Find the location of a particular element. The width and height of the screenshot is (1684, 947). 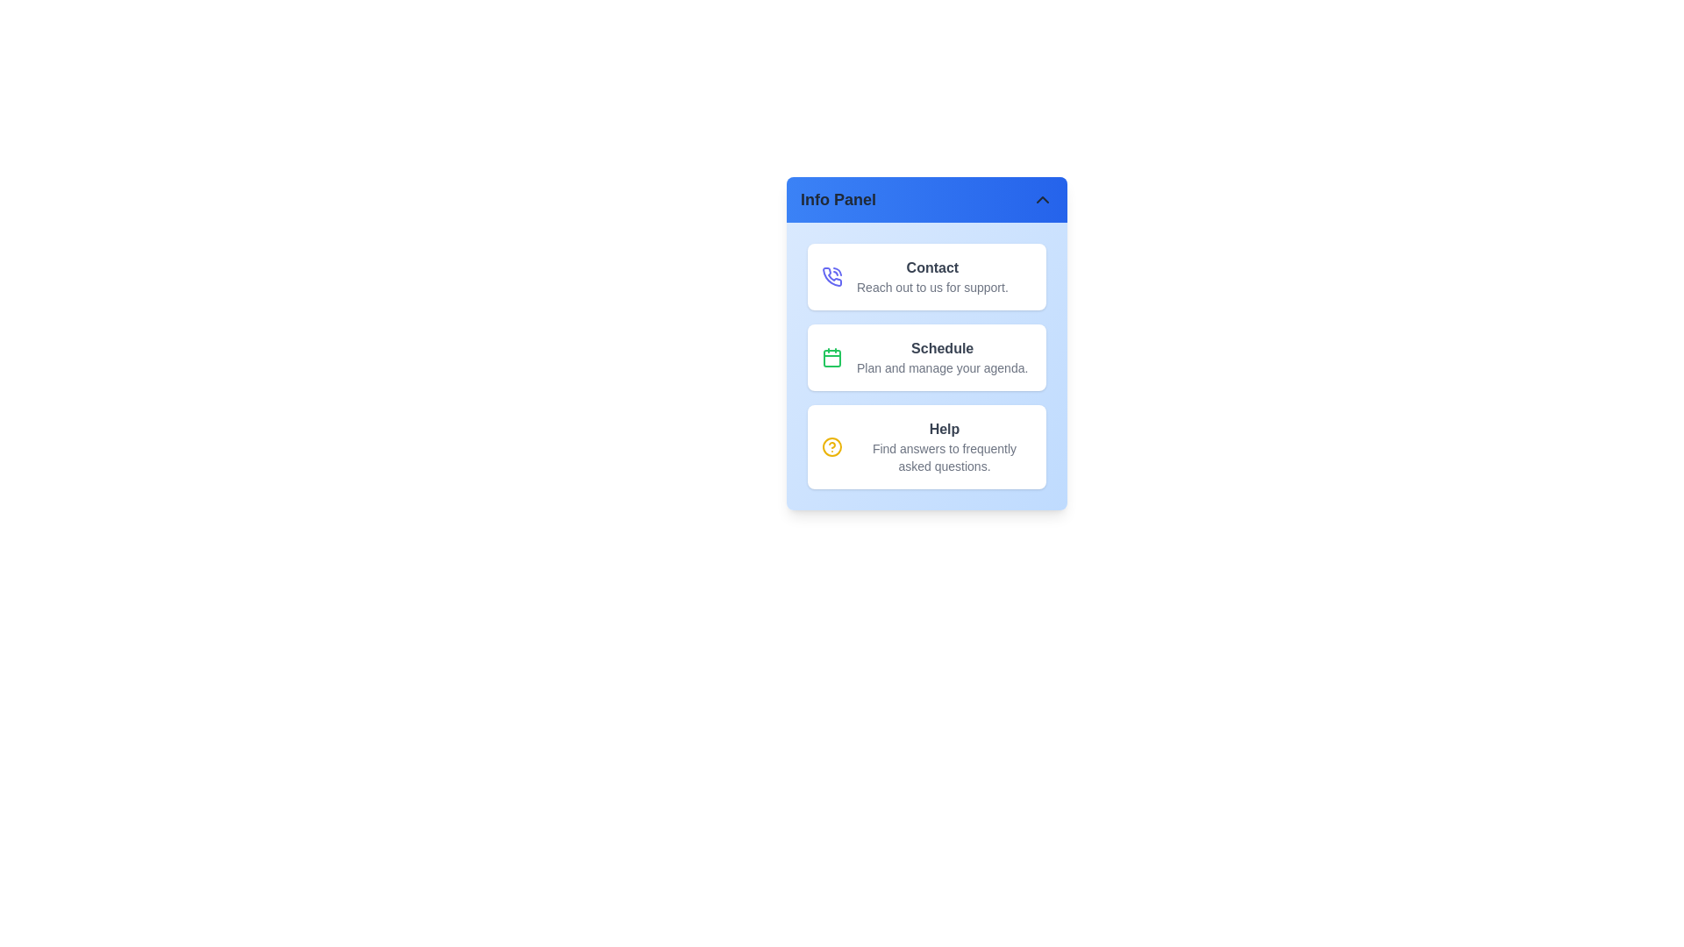

header button to toggle the visibility of the panel is located at coordinates (925, 198).